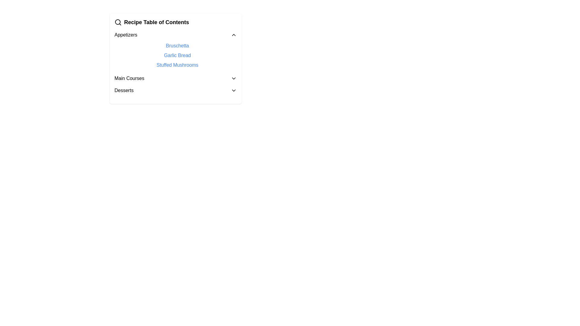 This screenshot has width=580, height=326. I want to click on the hyperlink for Garlic Bread, the second interactive item in the Appetizers section of the Recipe Table of Contents, so click(178, 56).